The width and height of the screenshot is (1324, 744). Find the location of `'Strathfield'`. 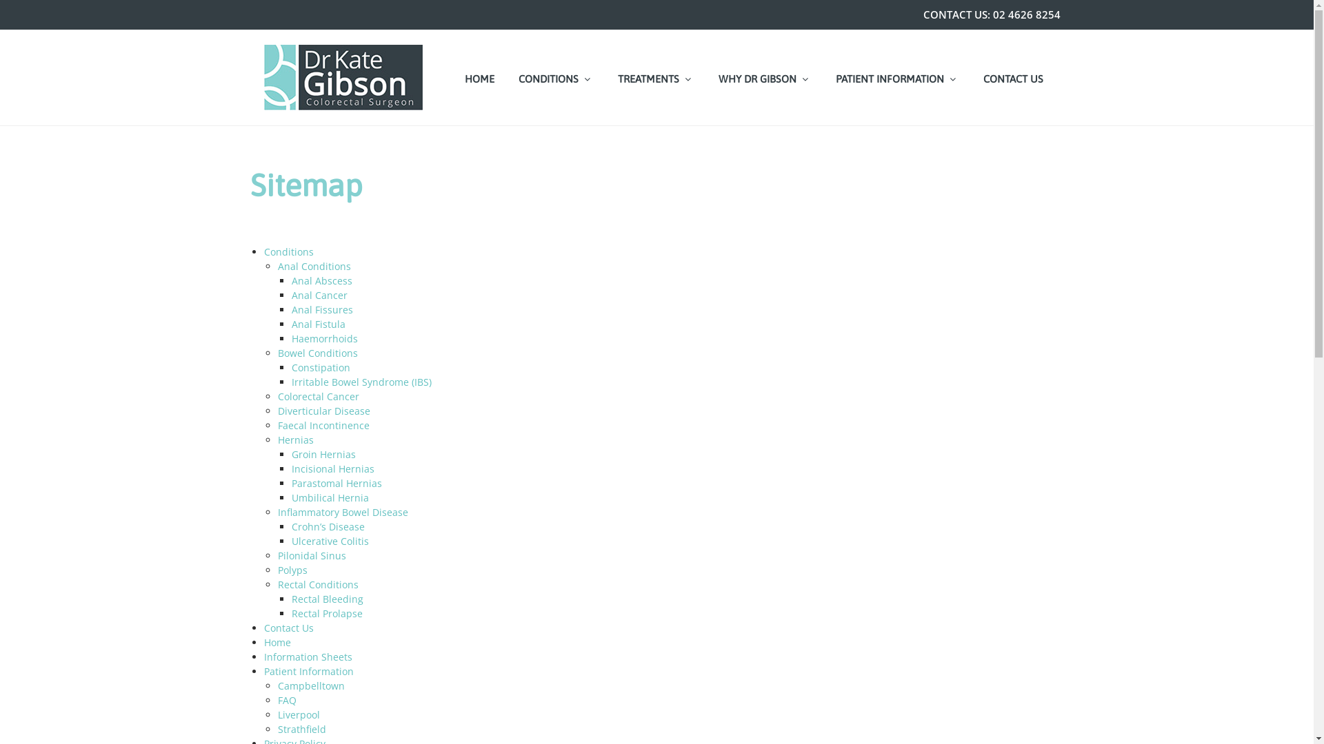

'Strathfield' is located at coordinates (300, 728).